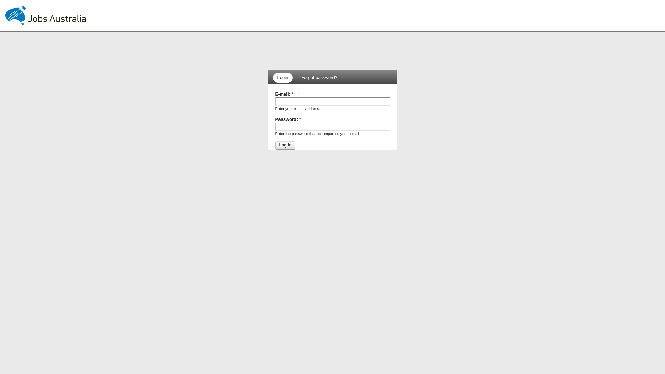  I want to click on 'Login', so click(283, 78).